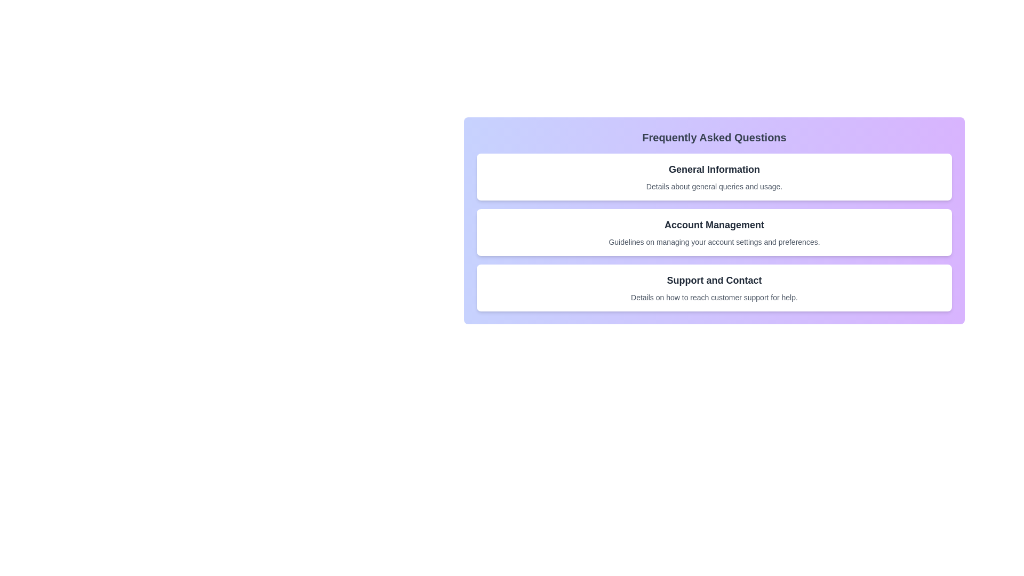 This screenshot has height=576, width=1024. I want to click on the 'Account Management' text heading, which serves as a section header for account management information and is located within the middle card of three horizontally-stacked cards, so click(714, 224).